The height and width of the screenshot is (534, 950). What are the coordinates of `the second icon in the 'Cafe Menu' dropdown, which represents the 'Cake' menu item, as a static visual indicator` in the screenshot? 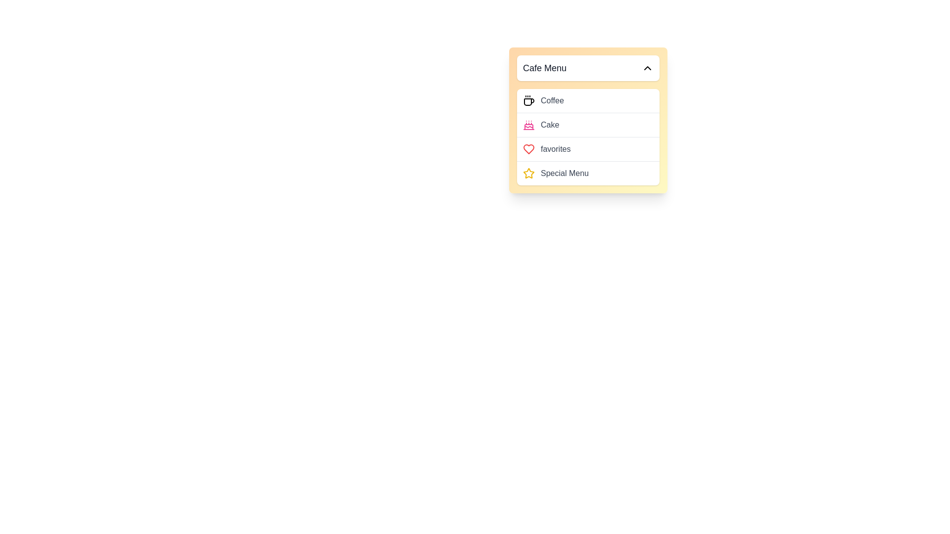 It's located at (528, 125).